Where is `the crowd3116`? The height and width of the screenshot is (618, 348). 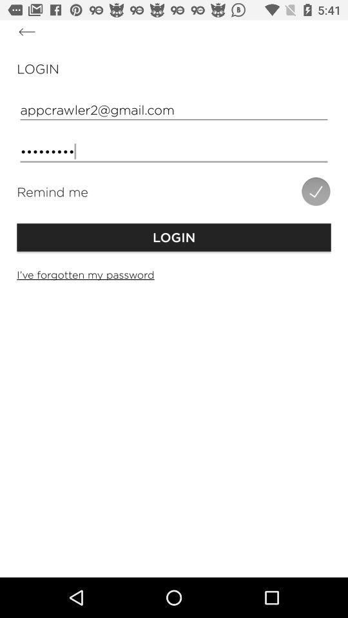
the crowd3116 is located at coordinates (174, 151).